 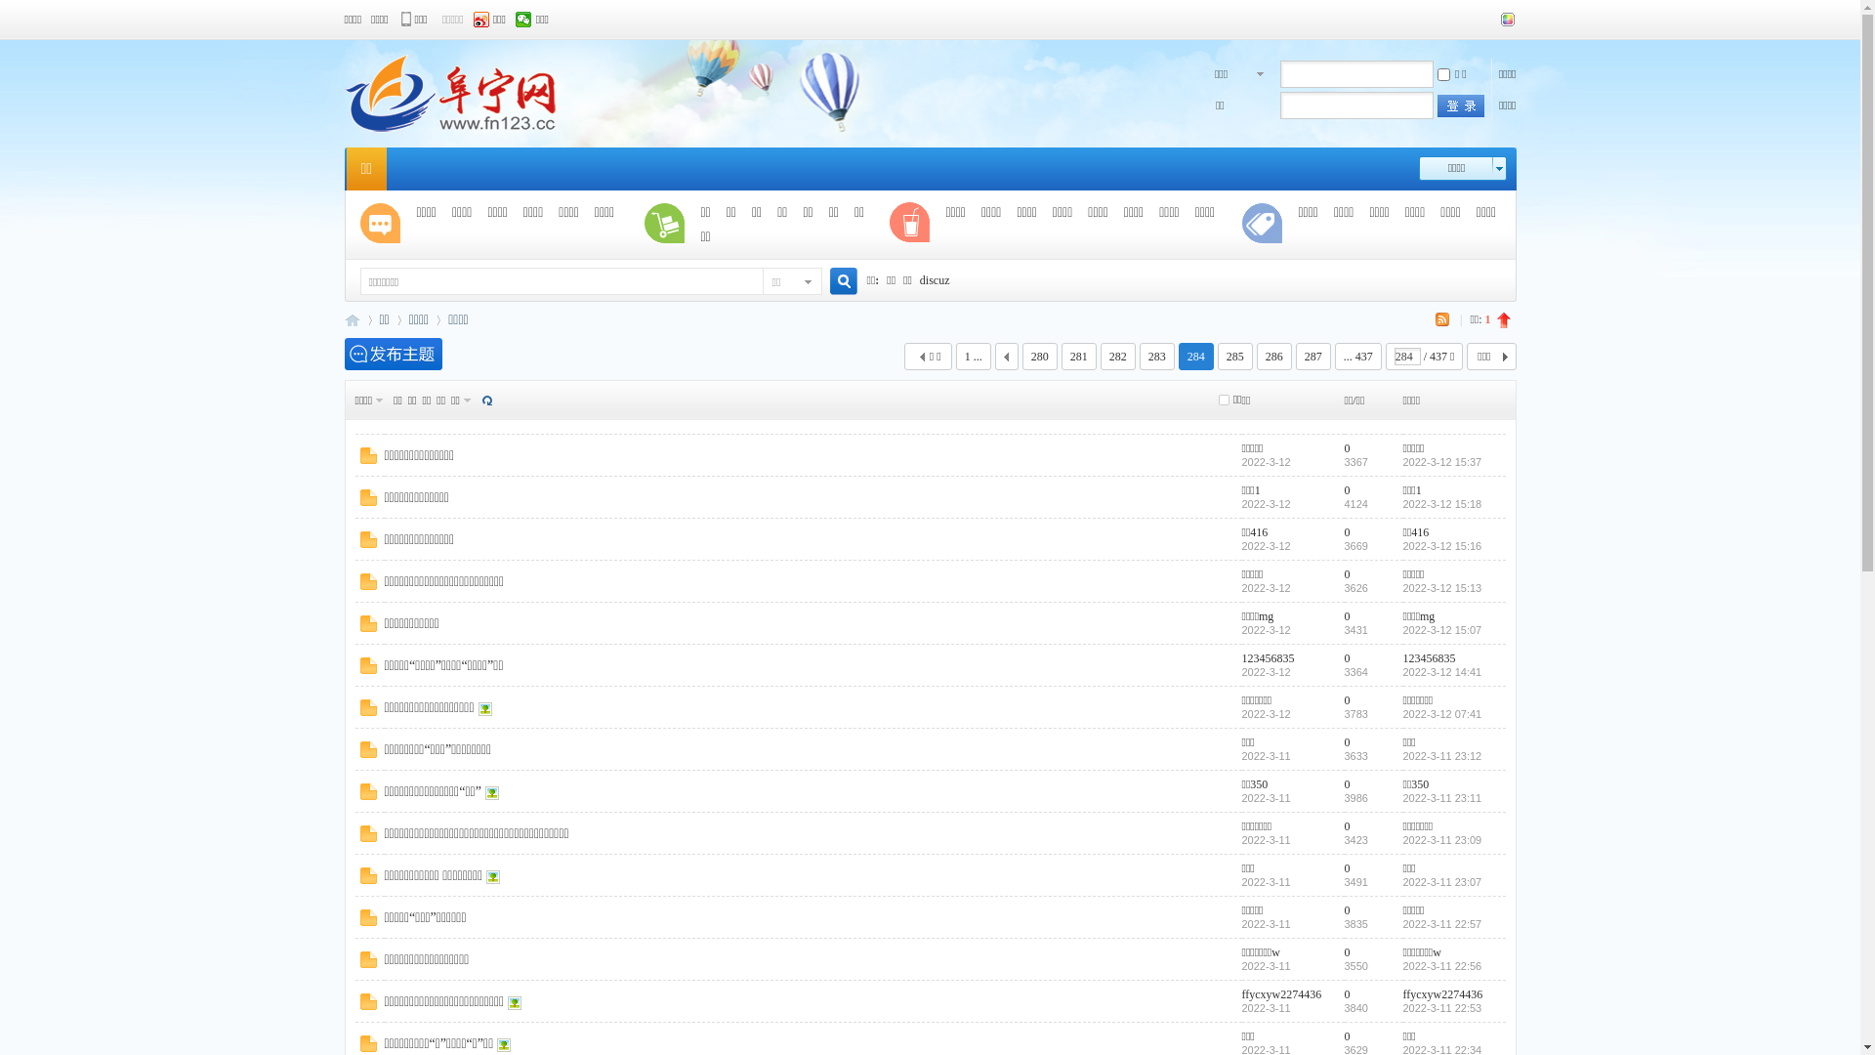 What do you see at coordinates (1039, 357) in the screenshot?
I see `'280'` at bounding box center [1039, 357].